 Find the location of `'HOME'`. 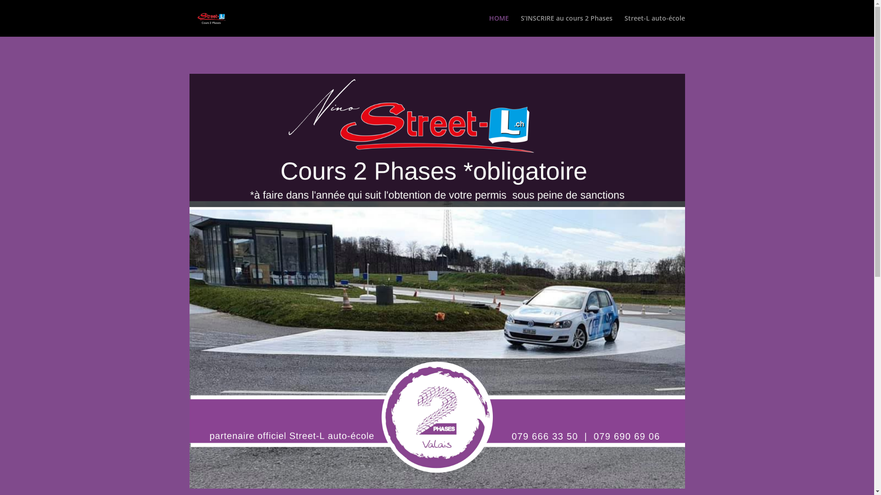

'HOME' is located at coordinates (498, 25).